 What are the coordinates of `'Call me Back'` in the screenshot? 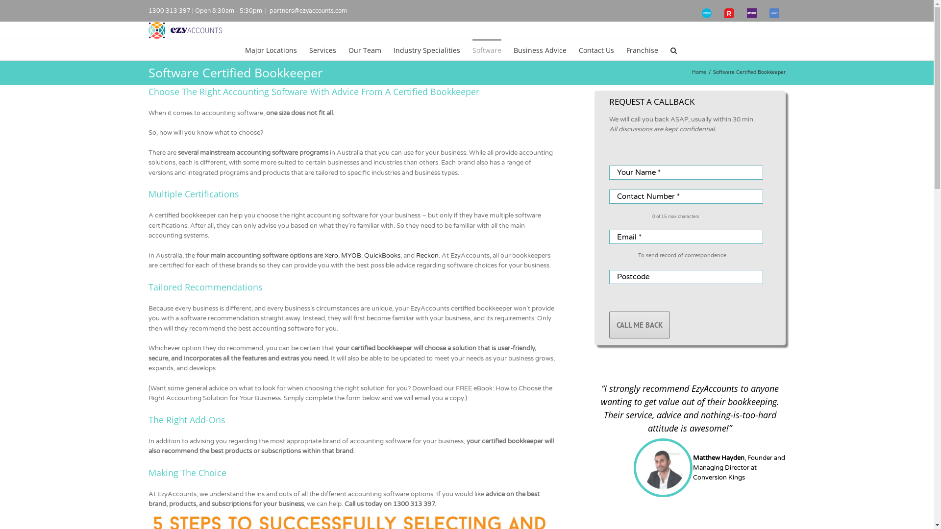 It's located at (639, 325).